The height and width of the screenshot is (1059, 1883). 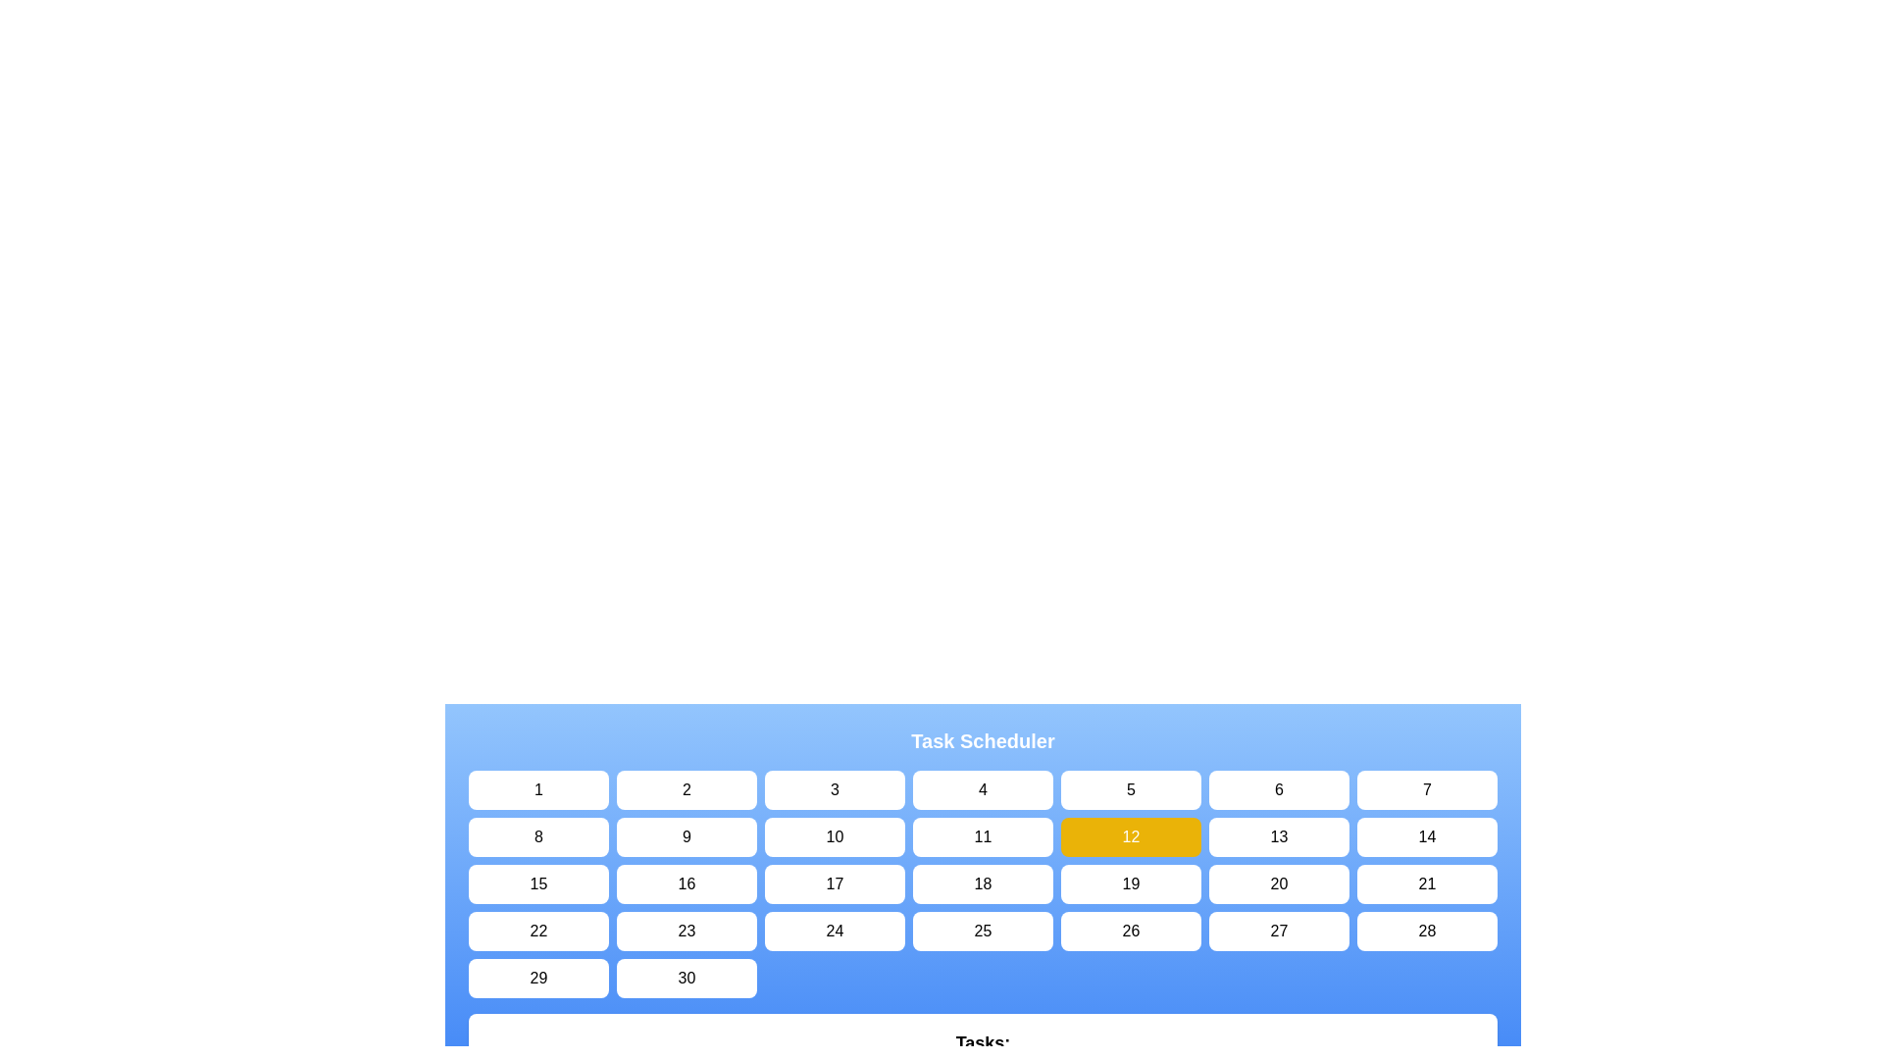 What do you see at coordinates (687, 836) in the screenshot?
I see `the button displaying the number '9' which is located in the second row and second column of the grid, just below the button labeled '2'` at bounding box center [687, 836].